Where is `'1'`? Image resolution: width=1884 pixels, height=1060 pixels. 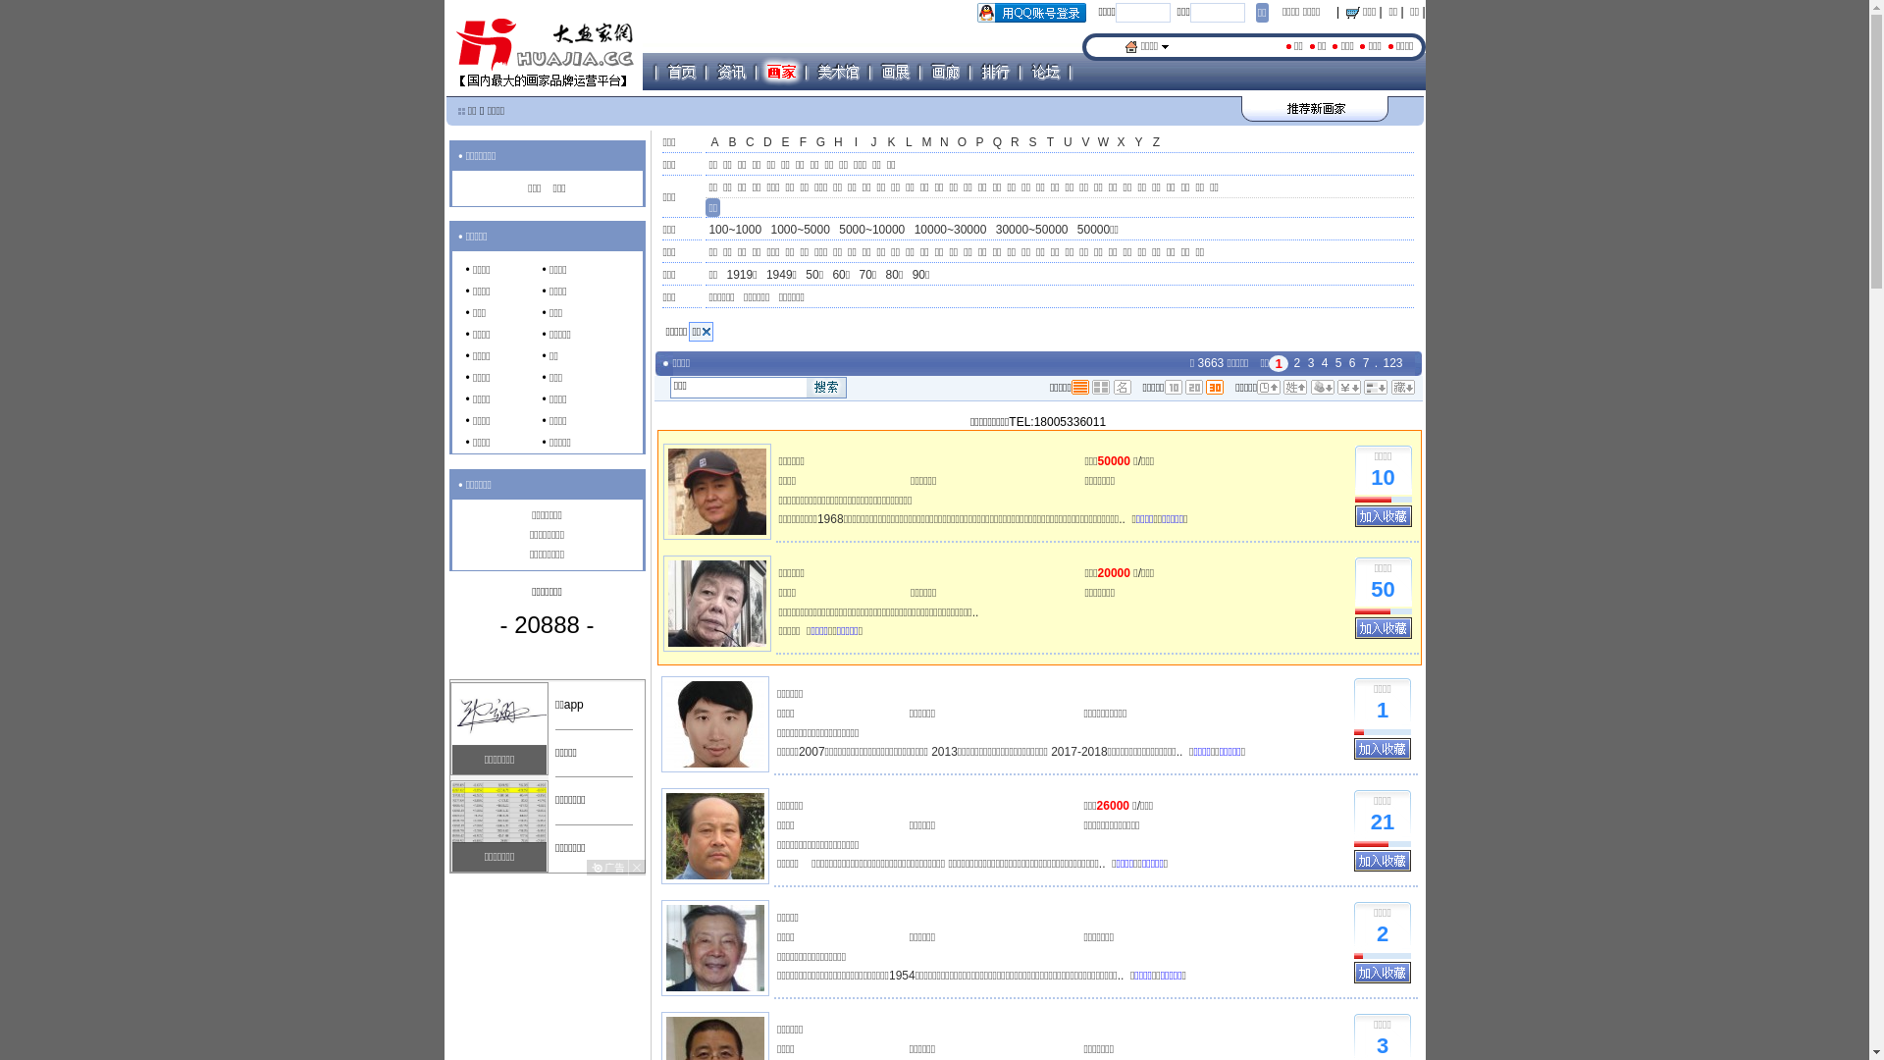
'1' is located at coordinates (1278, 363).